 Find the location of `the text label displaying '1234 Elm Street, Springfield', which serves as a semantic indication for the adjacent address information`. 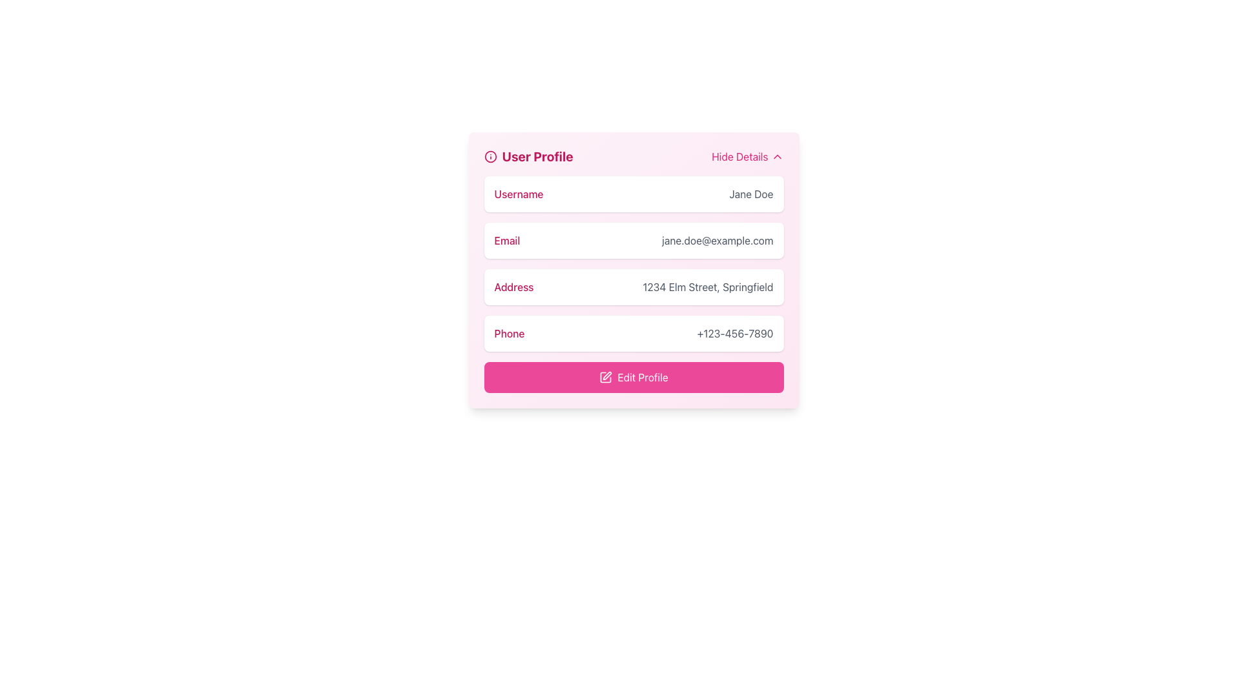

the text label displaying '1234 Elm Street, Springfield', which serves as a semantic indication for the adjacent address information is located at coordinates (513, 286).